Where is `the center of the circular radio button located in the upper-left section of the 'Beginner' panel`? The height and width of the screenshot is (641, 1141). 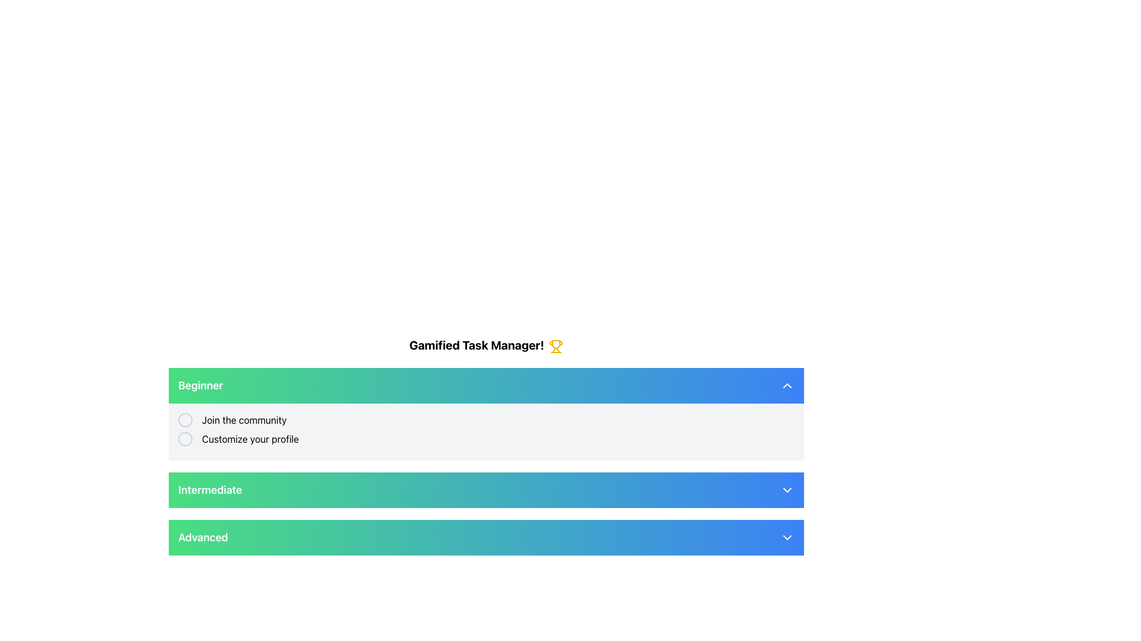 the center of the circular radio button located in the upper-left section of the 'Beginner' panel is located at coordinates (185, 420).